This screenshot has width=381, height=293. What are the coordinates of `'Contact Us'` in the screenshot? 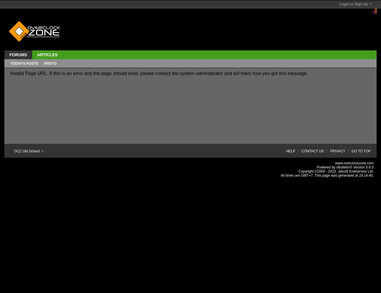 It's located at (312, 151).